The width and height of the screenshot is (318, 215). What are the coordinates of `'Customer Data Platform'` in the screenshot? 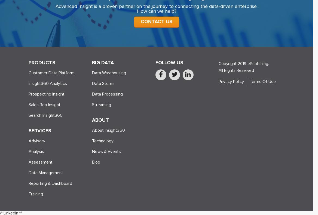 It's located at (51, 72).